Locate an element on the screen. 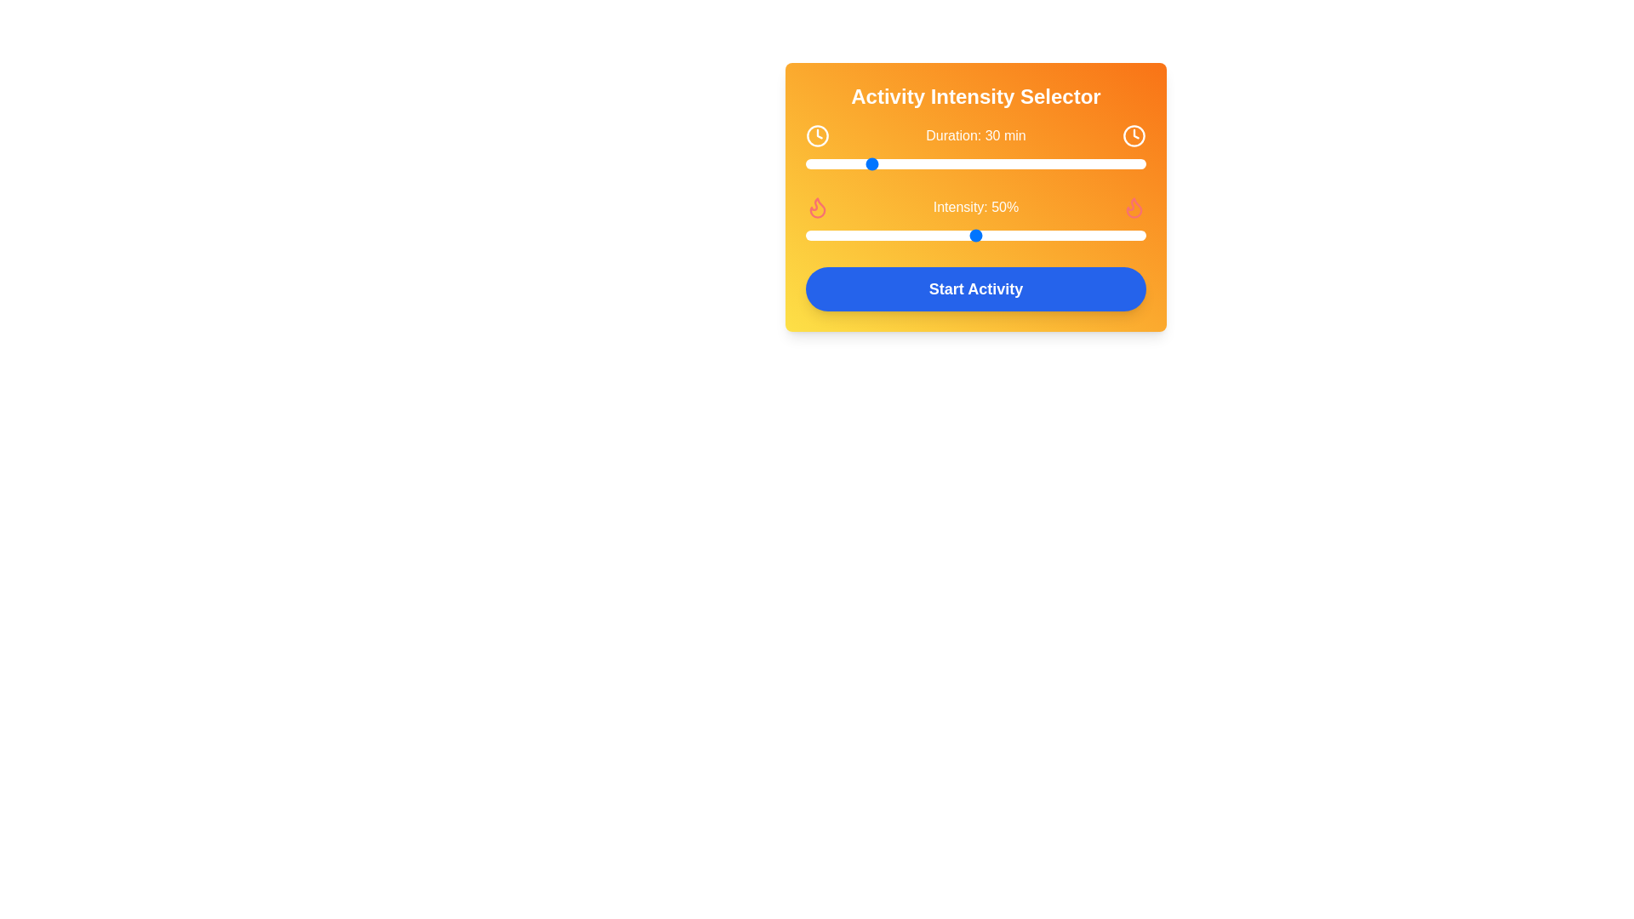  the duration slider to 94 minutes is located at coordinates (1065, 163).